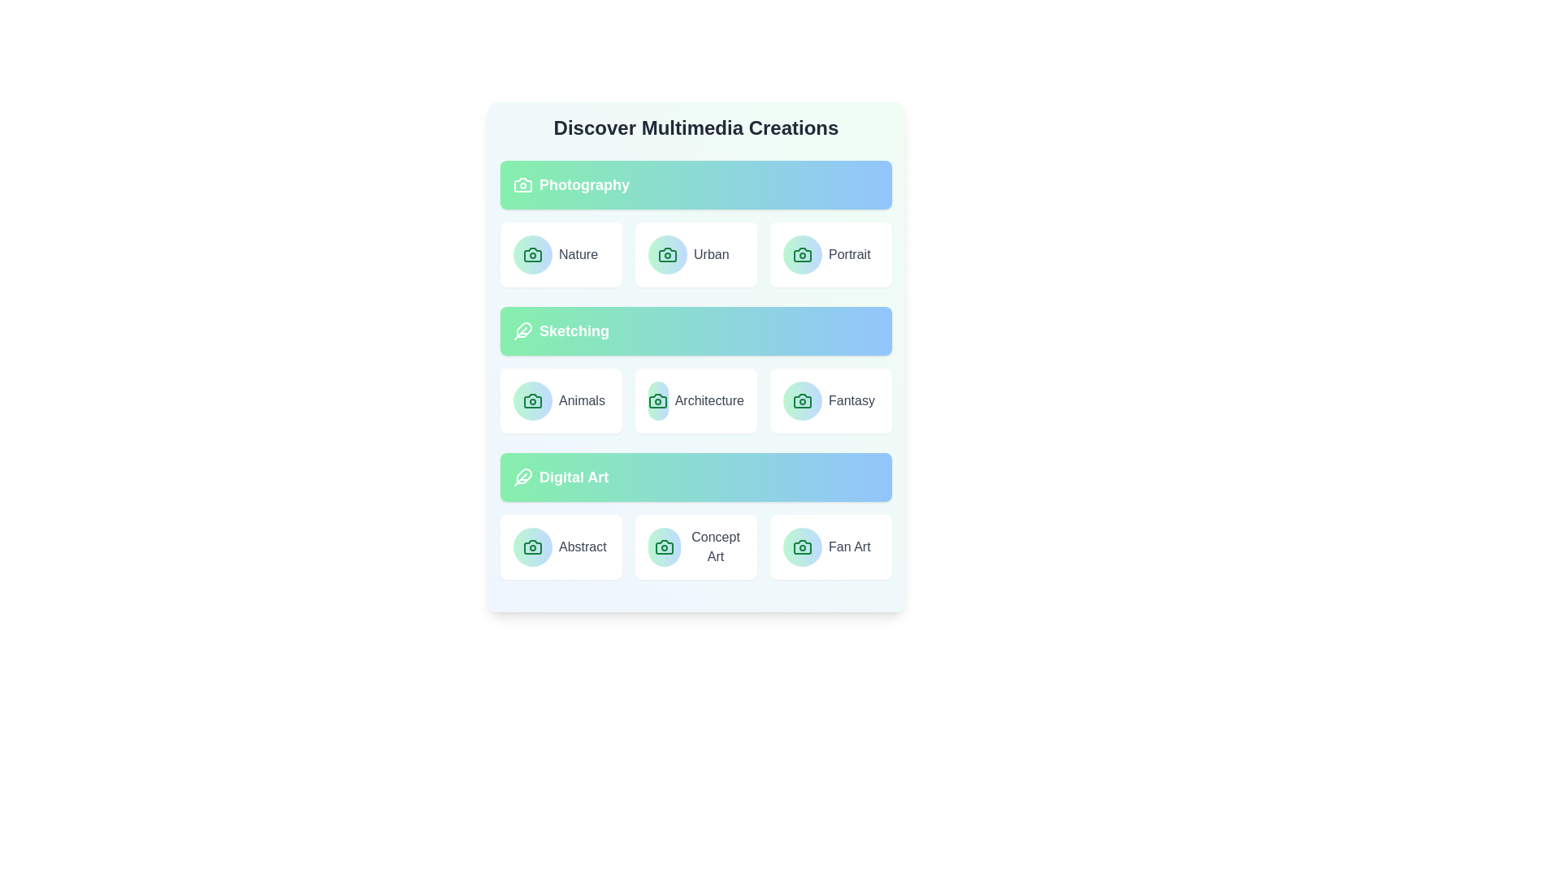 Image resolution: width=1560 pixels, height=877 pixels. Describe the element at coordinates (696, 184) in the screenshot. I see `the category header Photography to focus on its contents` at that location.